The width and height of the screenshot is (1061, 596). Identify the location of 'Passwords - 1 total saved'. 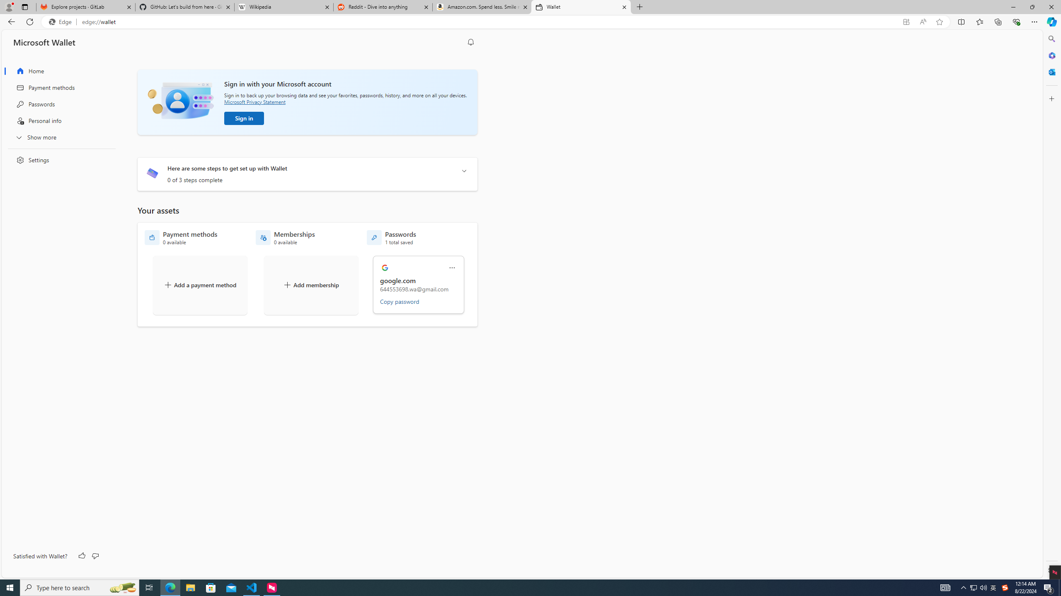
(391, 238).